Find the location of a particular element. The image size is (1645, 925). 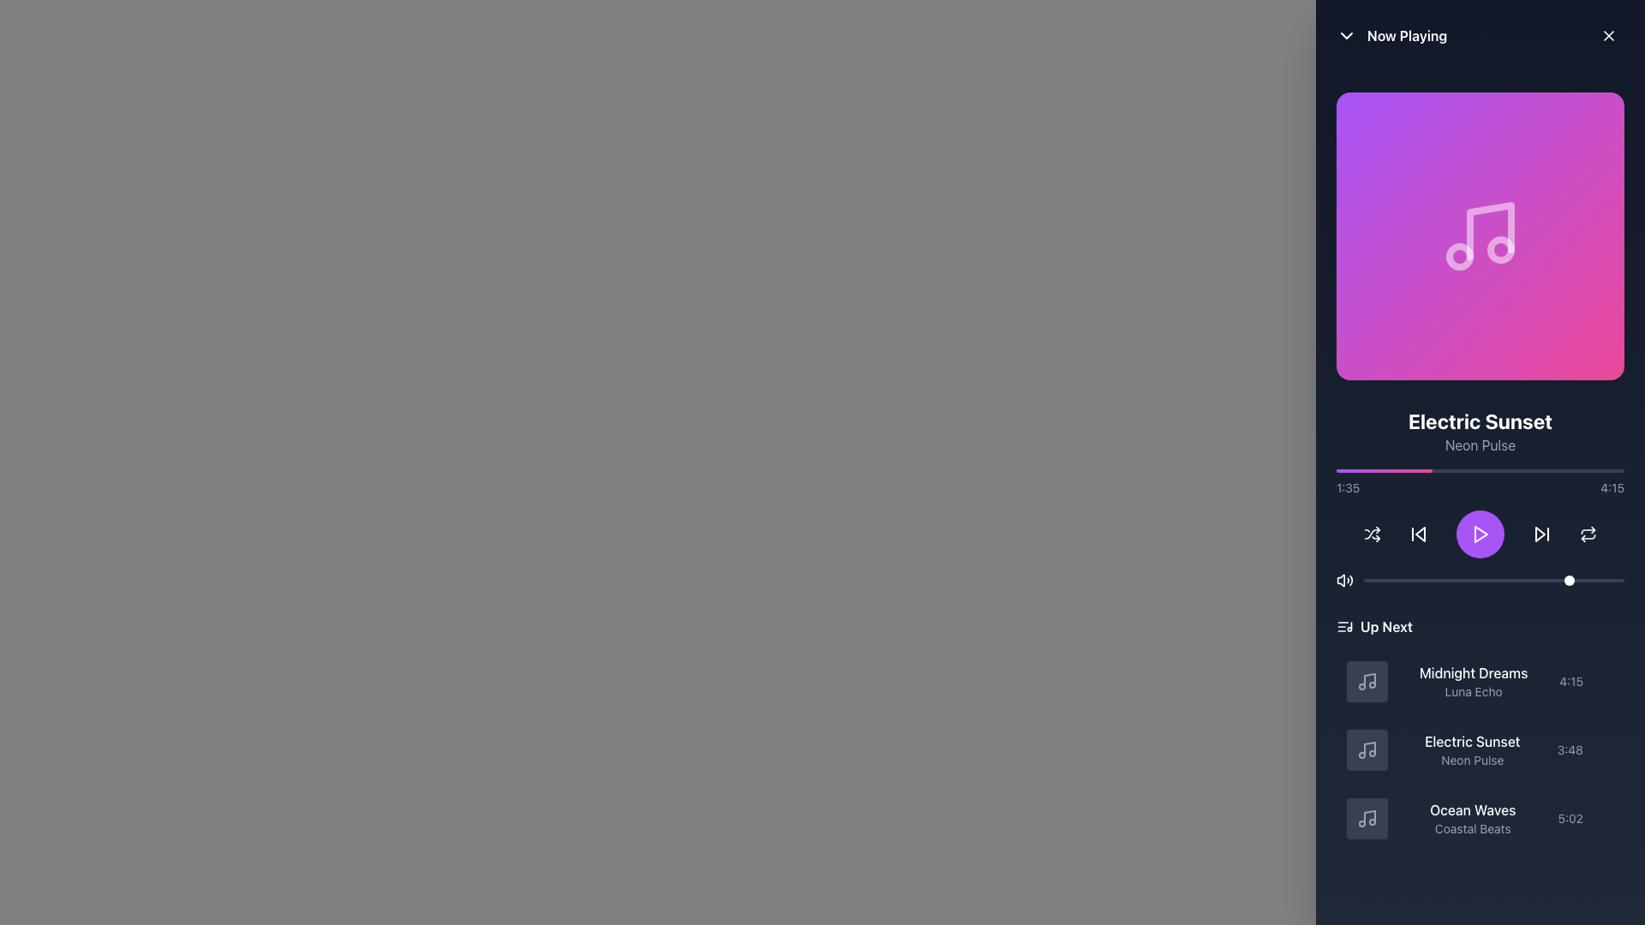

the text display element showing 'Midnight Dreams' and 'Luna Echo', which is part of the 'Up Next' list is located at coordinates (1473, 680).